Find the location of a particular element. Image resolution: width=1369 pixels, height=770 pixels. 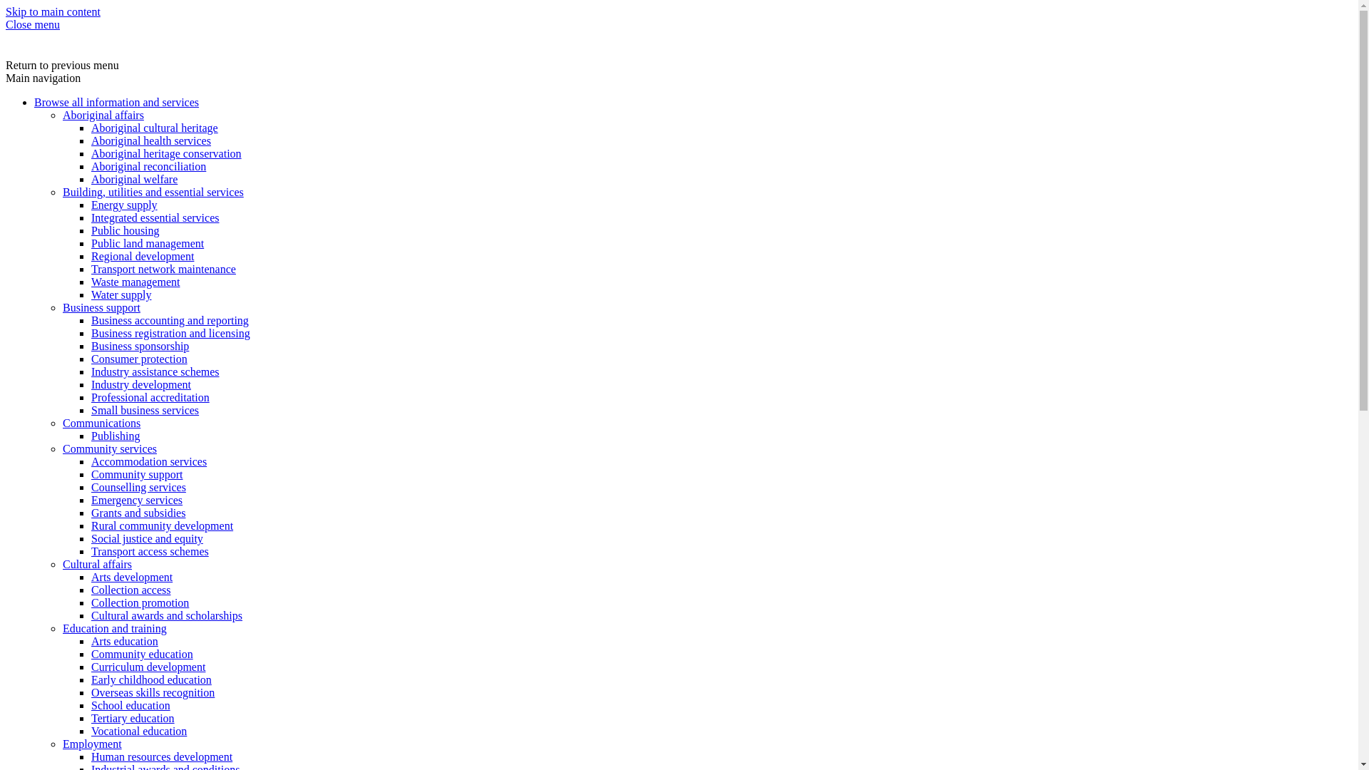

'Curriculum development' is located at coordinates (148, 667).